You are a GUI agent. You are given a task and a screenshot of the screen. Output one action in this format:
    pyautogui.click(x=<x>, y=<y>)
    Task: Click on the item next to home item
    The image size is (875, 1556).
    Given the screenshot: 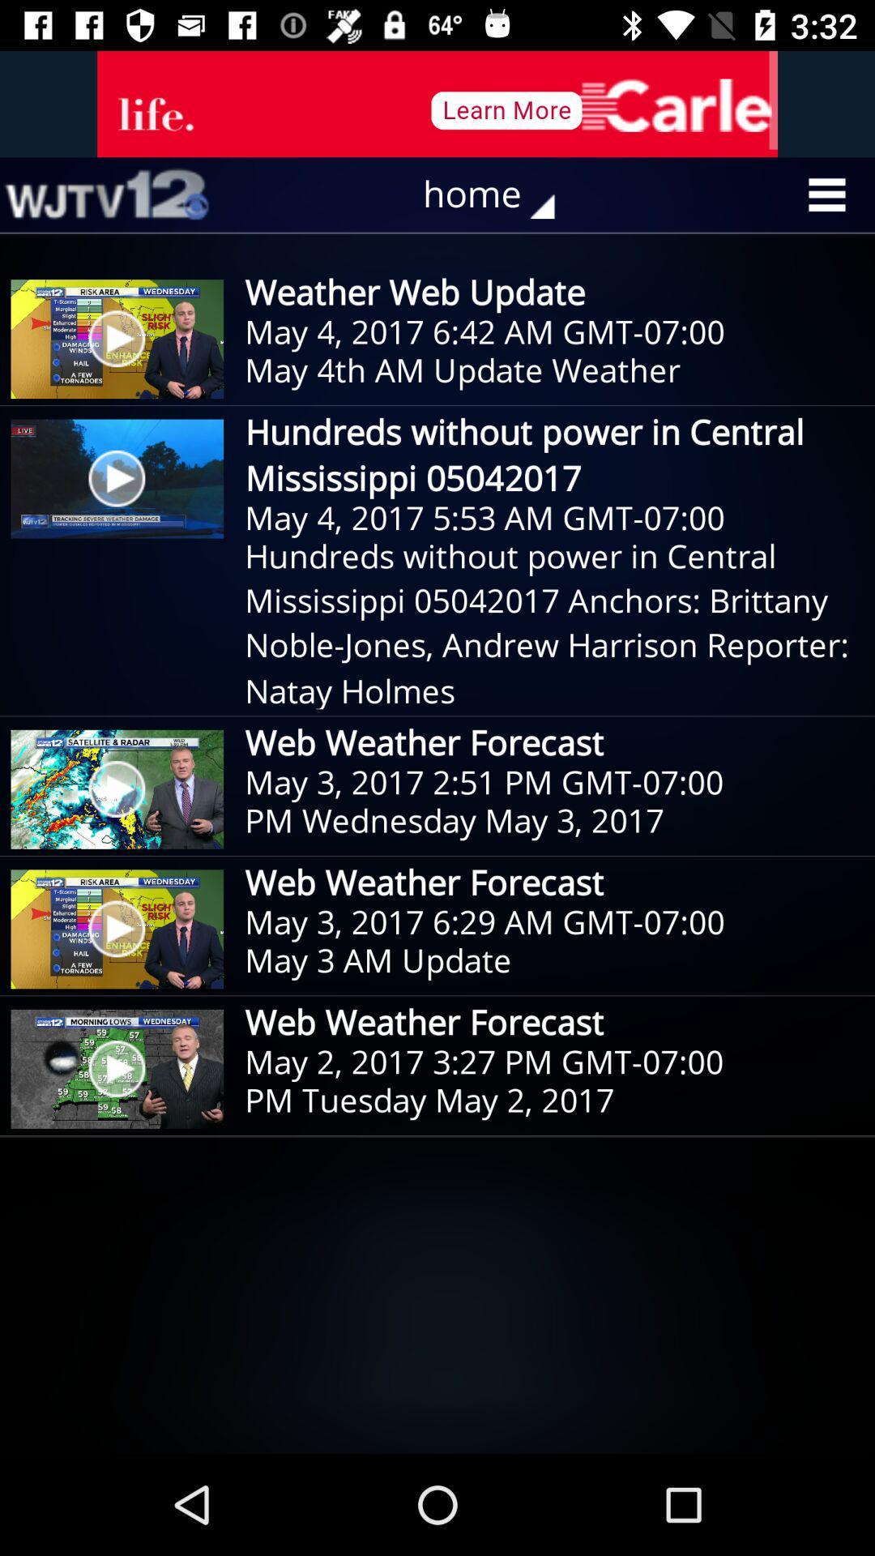 What is the action you would take?
    pyautogui.click(x=106, y=194)
    